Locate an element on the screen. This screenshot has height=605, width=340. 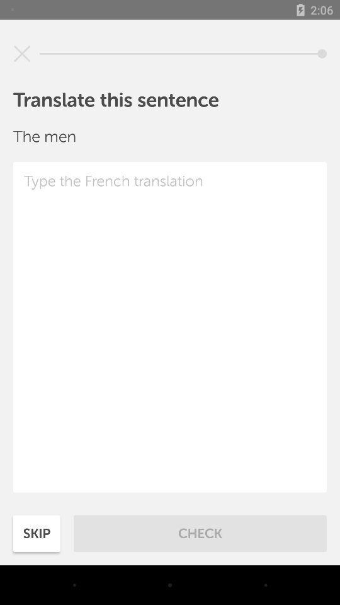
icon at the center is located at coordinates (170, 326).